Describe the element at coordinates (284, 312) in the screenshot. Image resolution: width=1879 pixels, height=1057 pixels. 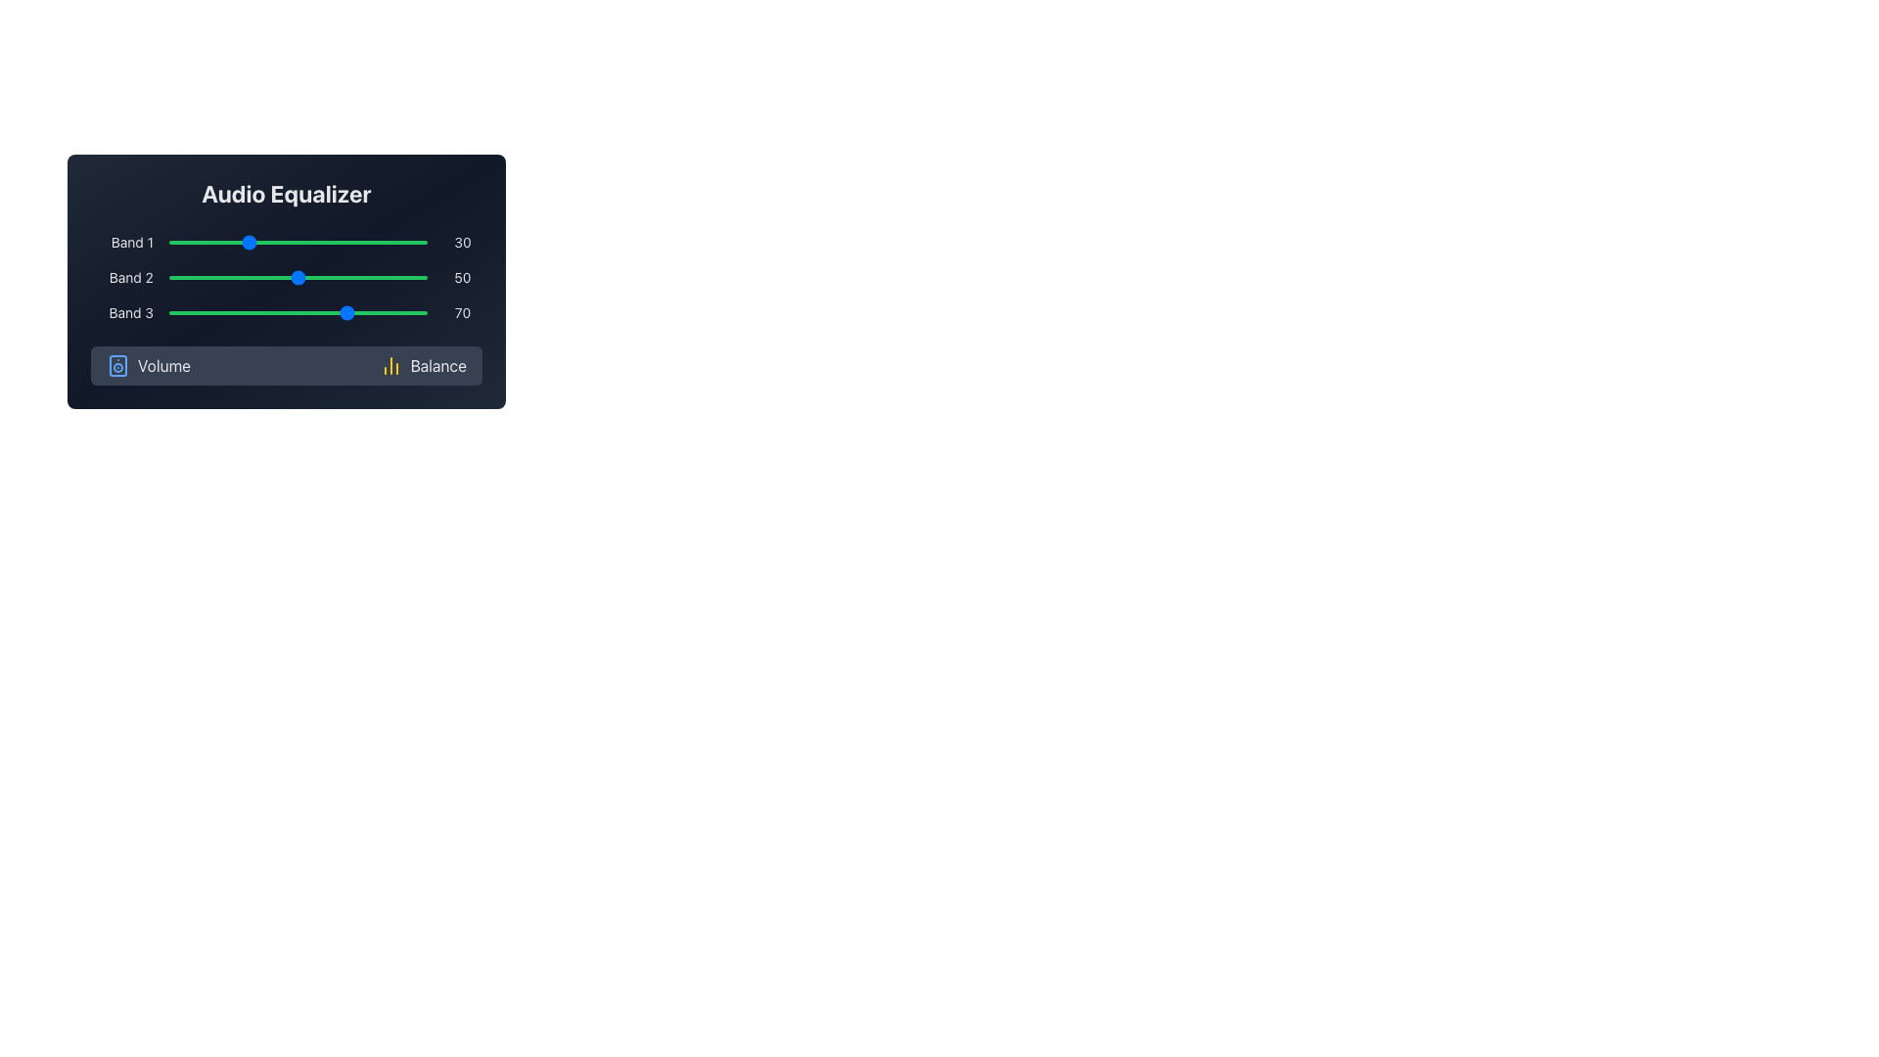
I see `Band 3` at that location.